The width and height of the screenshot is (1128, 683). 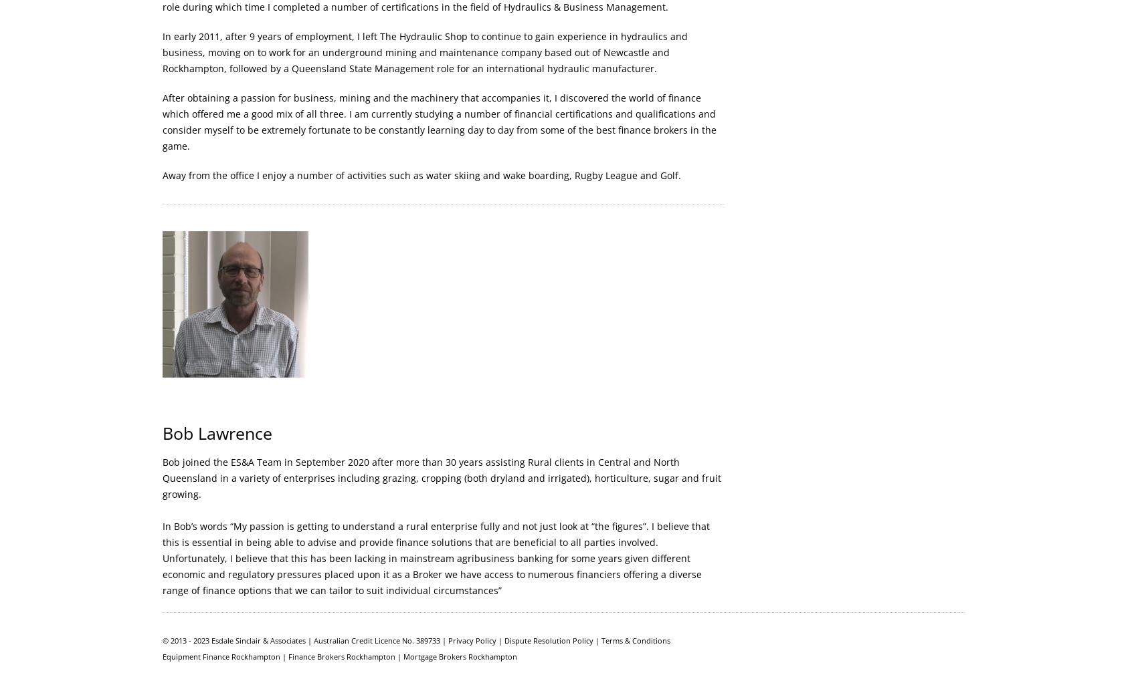 What do you see at coordinates (421, 175) in the screenshot?
I see `'Away from the office I enjoy a number of activities such as water skiing and wake boarding, Rugby League and Golf.'` at bounding box center [421, 175].